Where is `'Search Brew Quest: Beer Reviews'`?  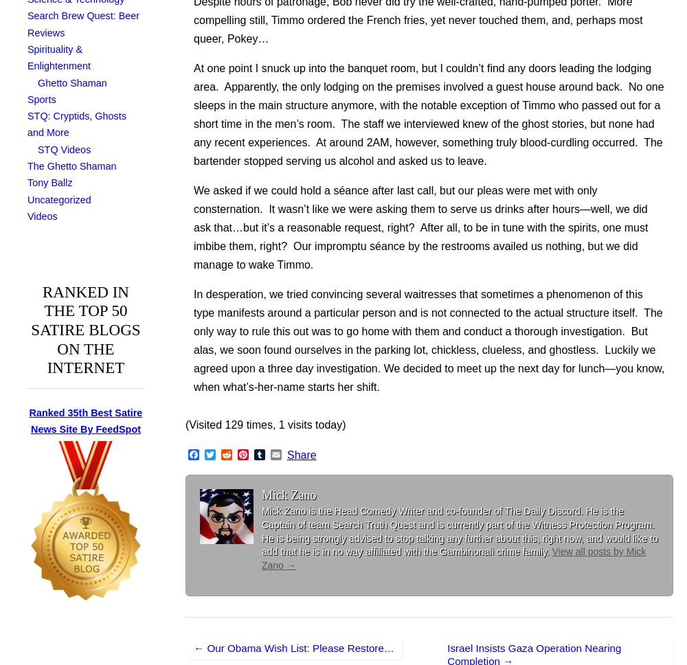 'Search Brew Quest: Beer Reviews' is located at coordinates (82, 24).